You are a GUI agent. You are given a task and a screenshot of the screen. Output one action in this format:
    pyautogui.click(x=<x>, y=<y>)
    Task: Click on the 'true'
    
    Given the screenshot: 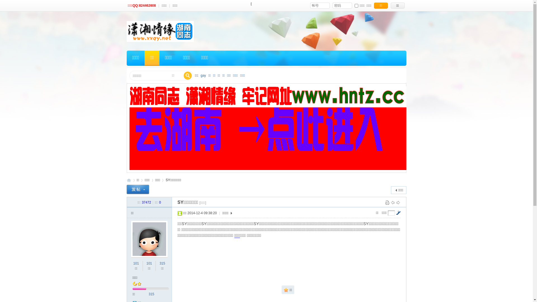 What is the action you would take?
    pyautogui.click(x=188, y=75)
    